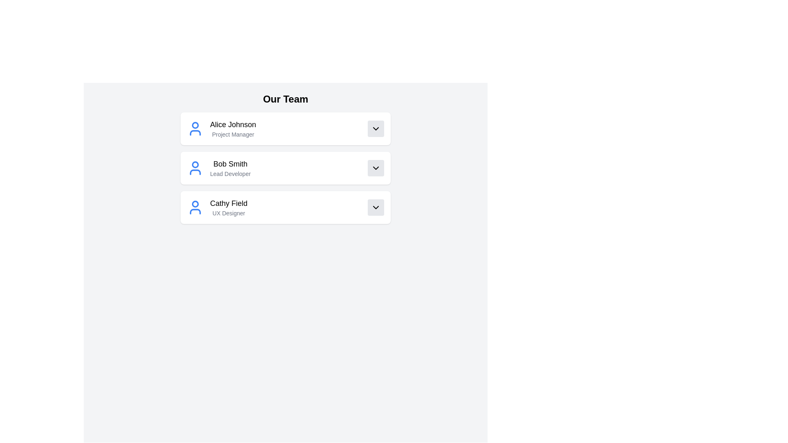  Describe the element at coordinates (195, 125) in the screenshot. I see `SVG circle element that is part of the avatar icon for team member 'Alice Johnson', which is centrally positioned within the avatar's head` at that location.